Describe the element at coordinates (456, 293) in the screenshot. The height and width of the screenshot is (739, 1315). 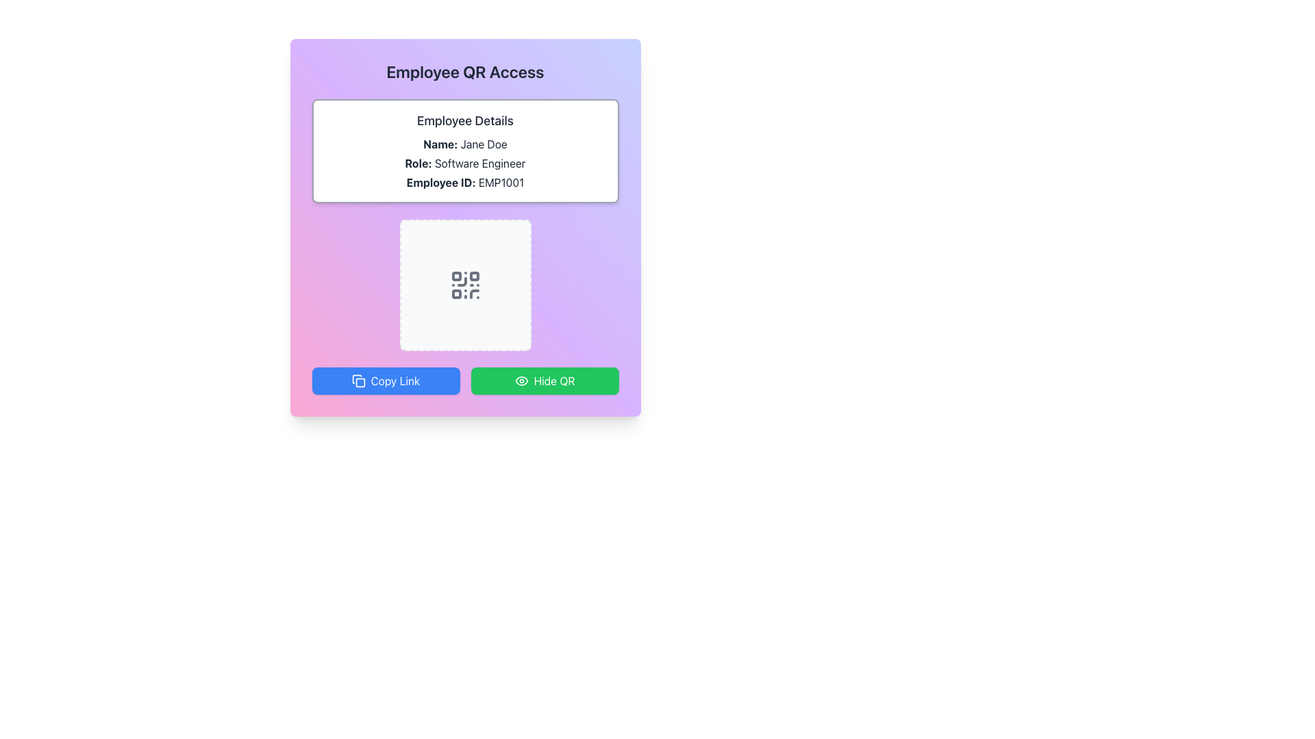
I see `the bottom-left small square of the QR code module that encodes employee information` at that location.